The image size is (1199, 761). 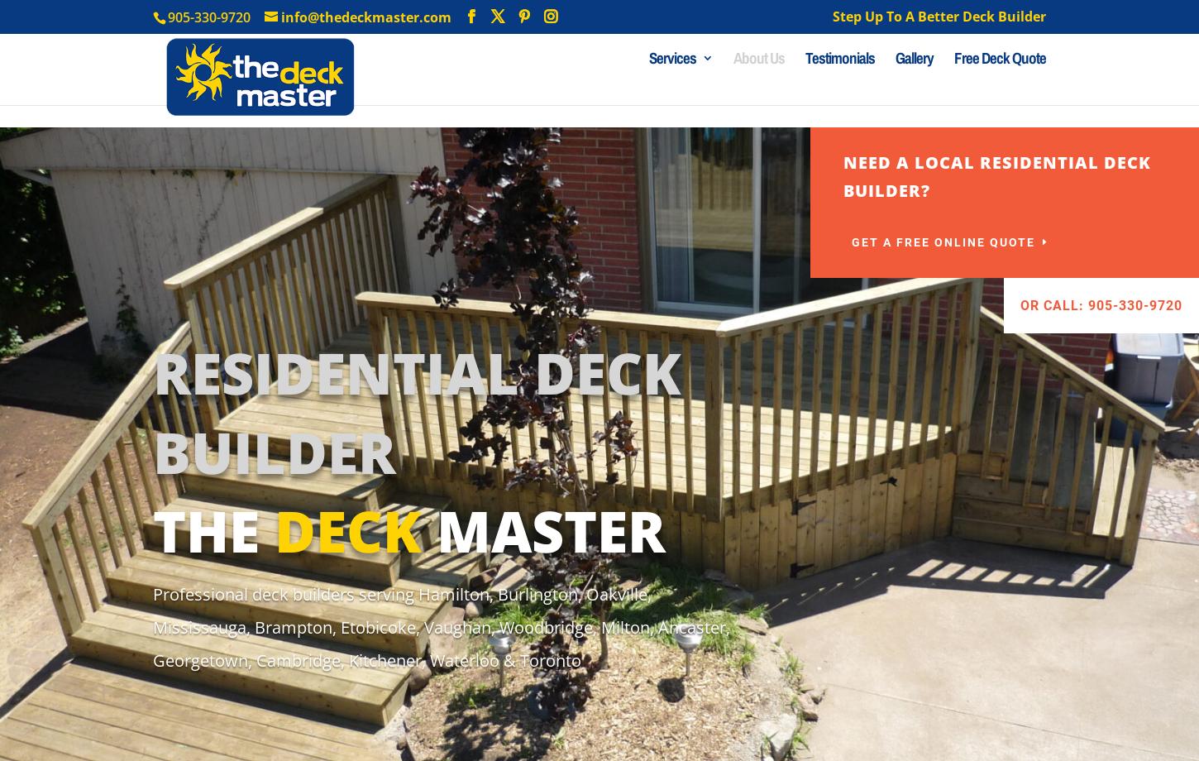 What do you see at coordinates (941, 242) in the screenshot?
I see `'Get a Free Online Quote'` at bounding box center [941, 242].